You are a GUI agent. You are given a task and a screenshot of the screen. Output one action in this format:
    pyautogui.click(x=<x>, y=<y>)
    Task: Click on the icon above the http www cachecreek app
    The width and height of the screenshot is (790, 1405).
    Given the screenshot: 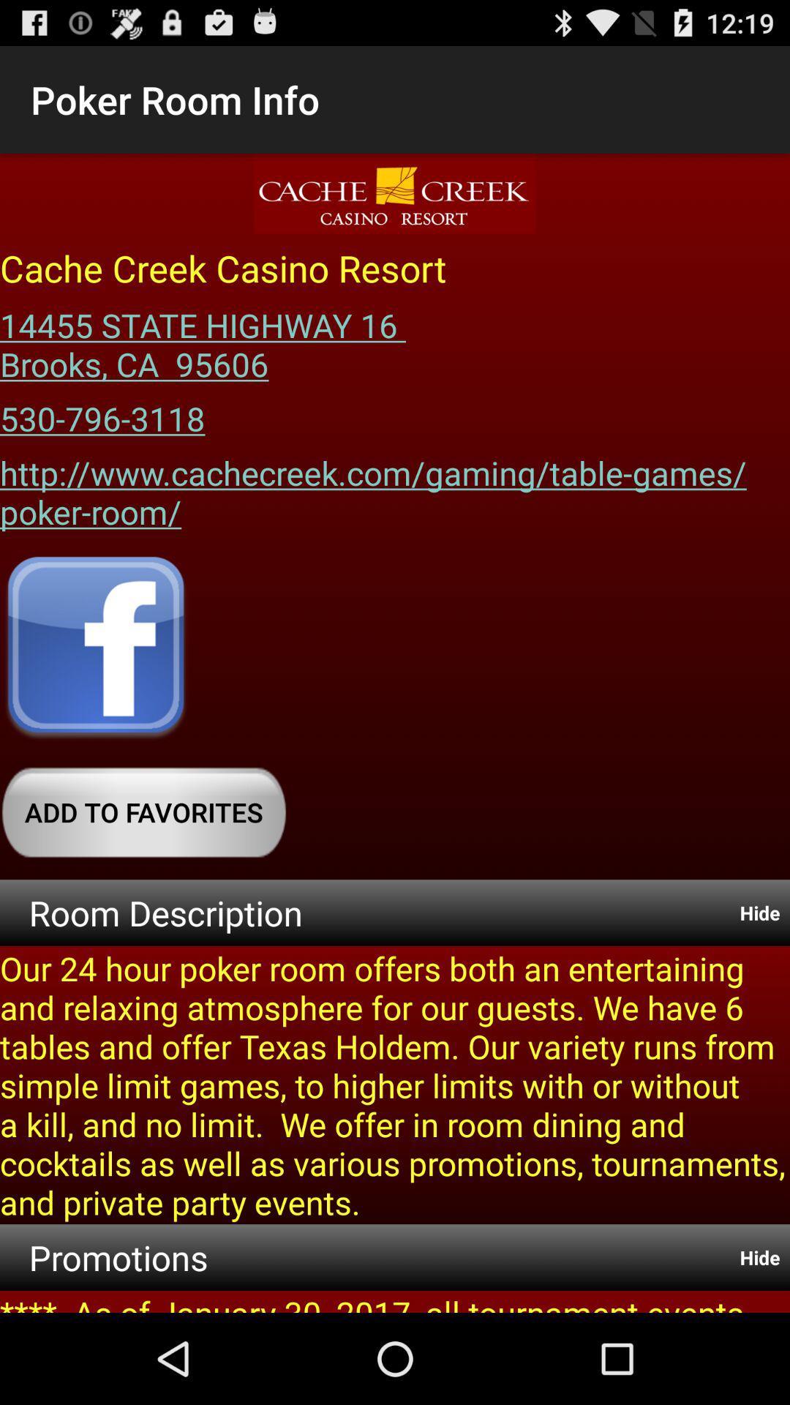 What is the action you would take?
    pyautogui.click(x=102, y=413)
    